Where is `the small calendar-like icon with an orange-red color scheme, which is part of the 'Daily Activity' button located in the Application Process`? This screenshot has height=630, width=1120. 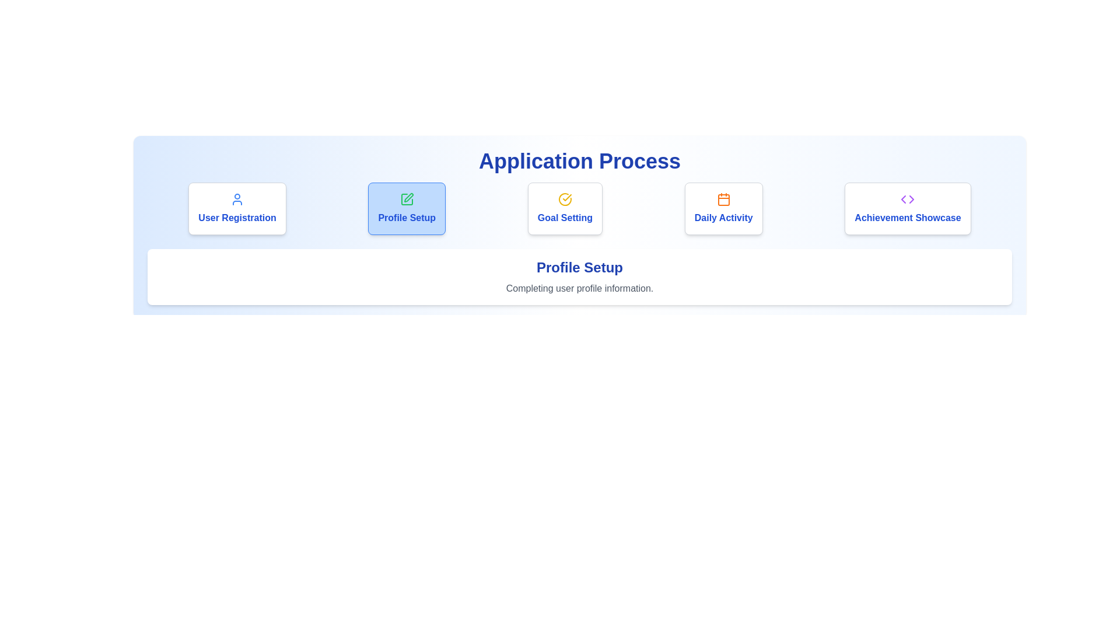
the small calendar-like icon with an orange-red color scheme, which is part of the 'Daily Activity' button located in the Application Process is located at coordinates (723, 199).